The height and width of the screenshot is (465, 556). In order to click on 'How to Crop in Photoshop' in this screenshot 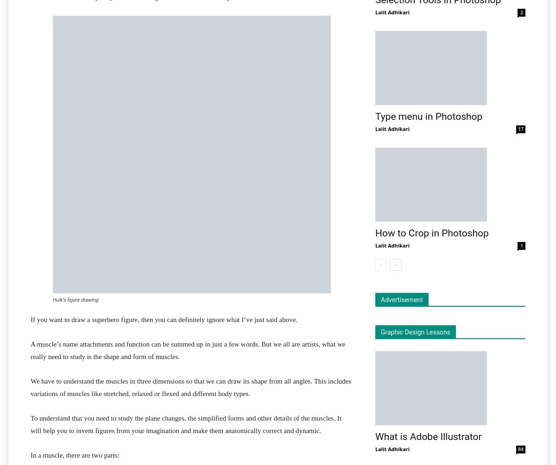, I will do `click(432, 233)`.